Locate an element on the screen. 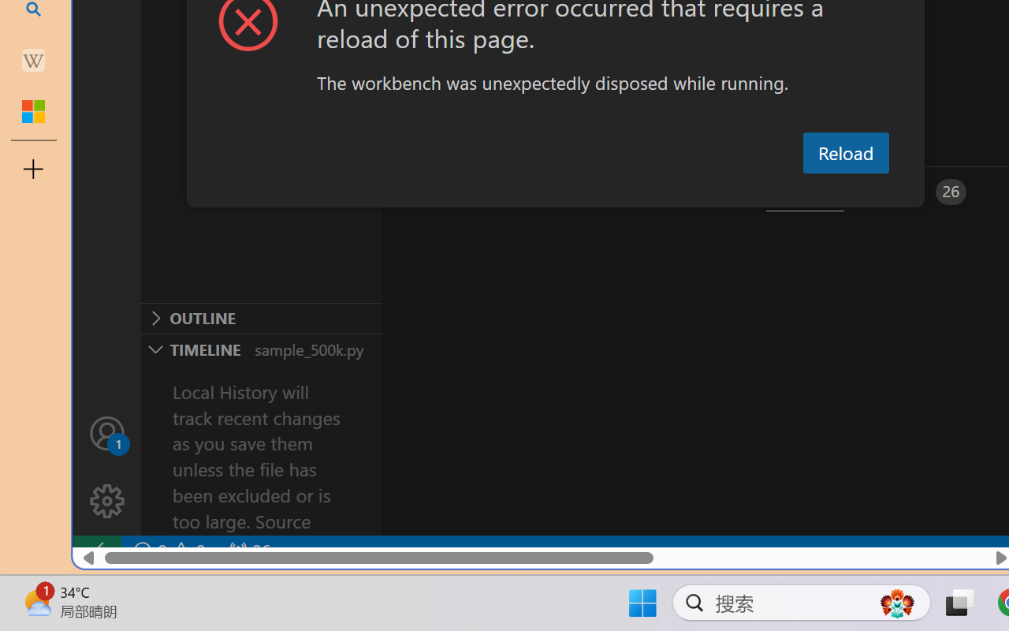 The width and height of the screenshot is (1009, 631). 'No Problems' is located at coordinates (168, 551).